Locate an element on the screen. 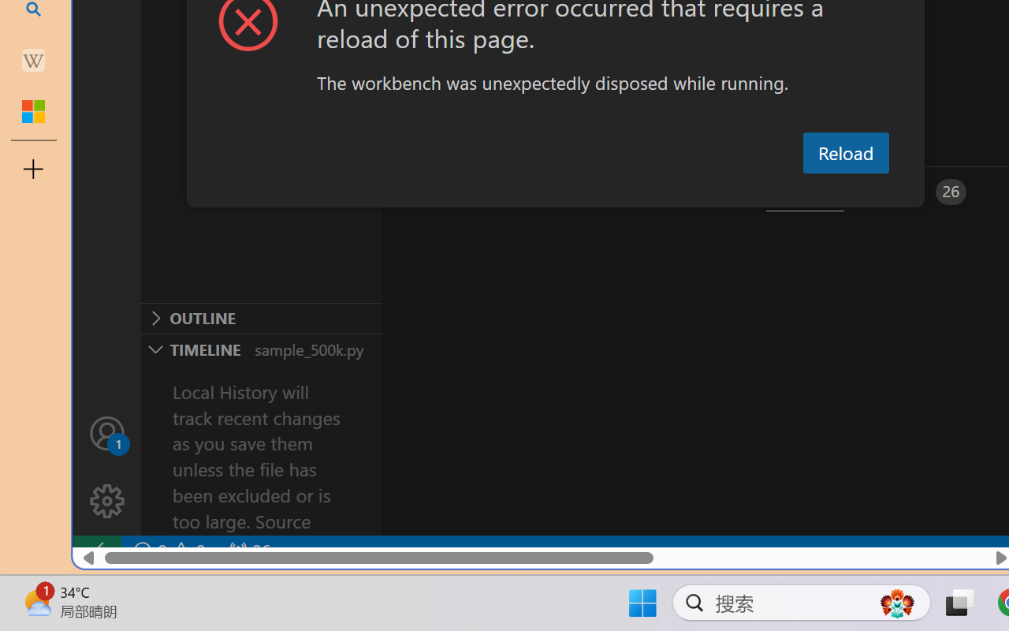 The width and height of the screenshot is (1009, 631). 'No Problems' is located at coordinates (168, 551).